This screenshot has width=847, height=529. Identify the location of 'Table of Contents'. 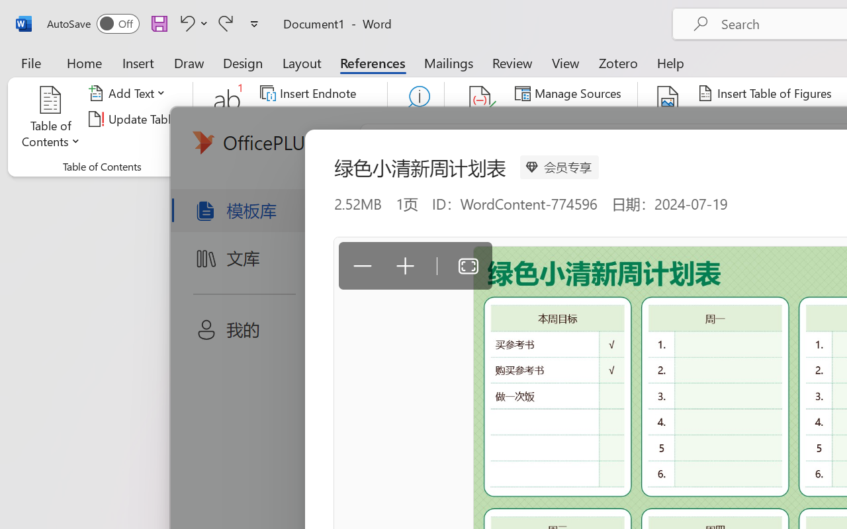
(51, 118).